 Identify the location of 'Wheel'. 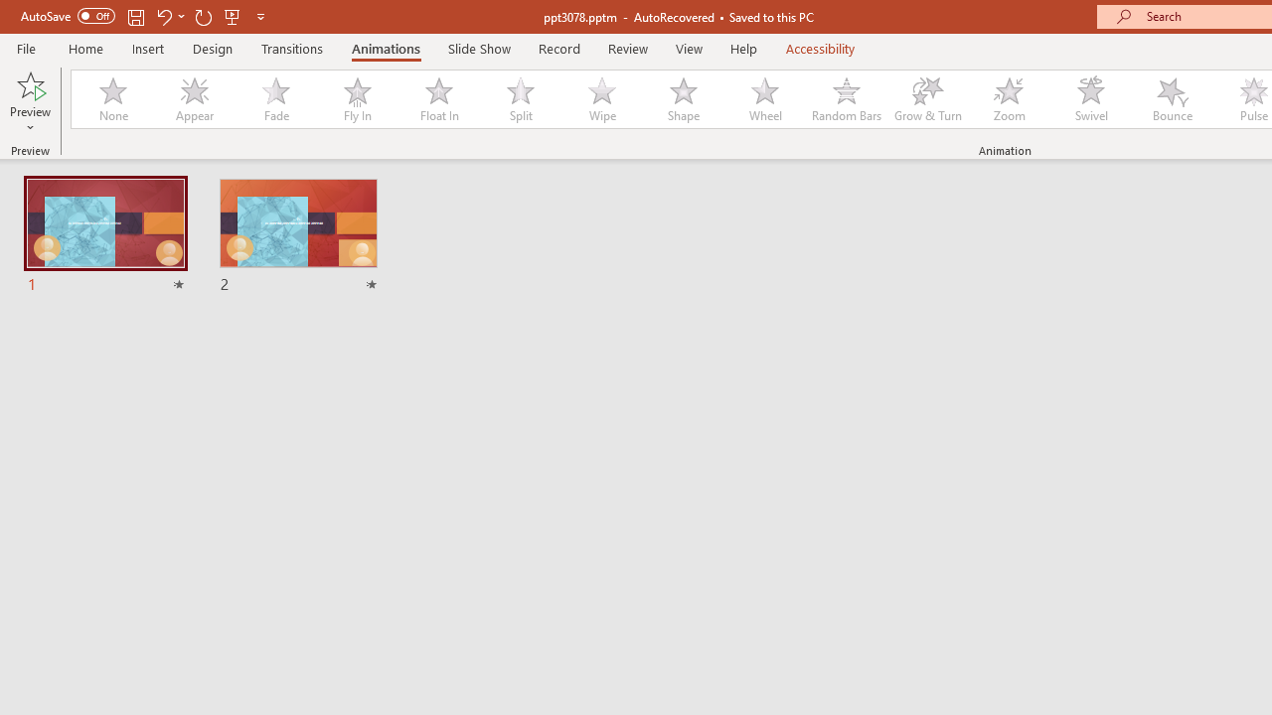
(764, 99).